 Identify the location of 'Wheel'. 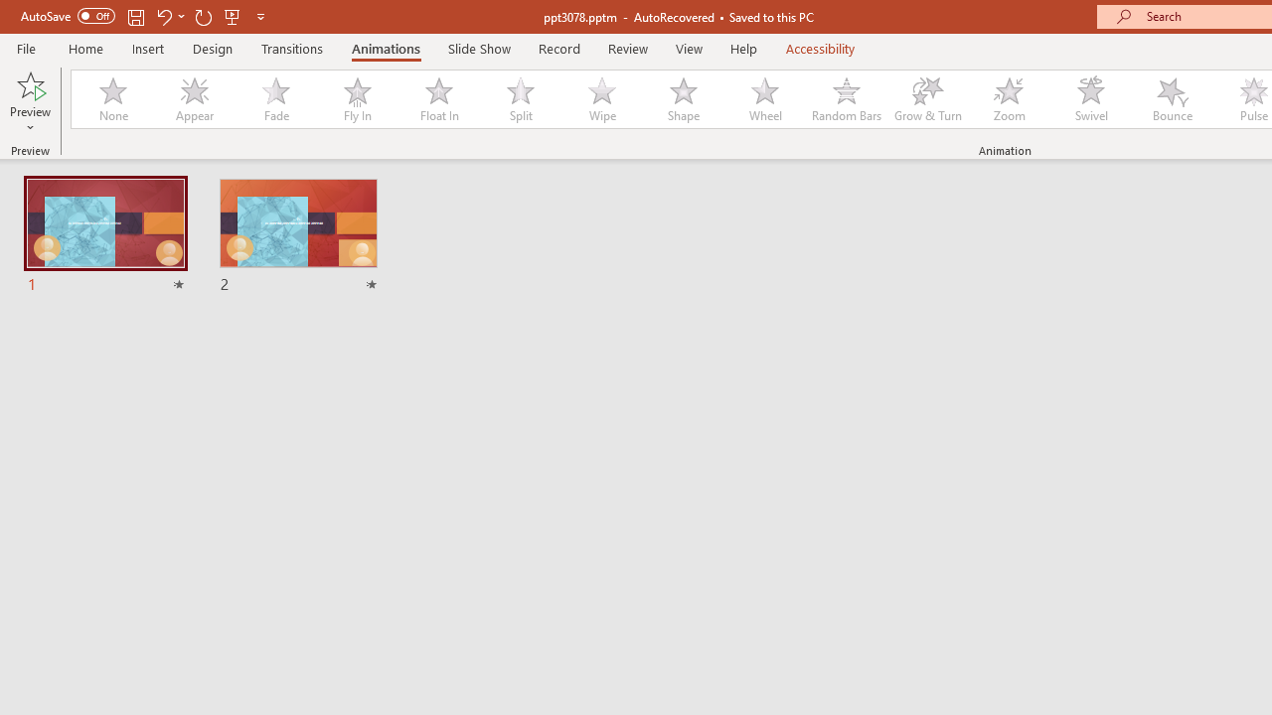
(764, 99).